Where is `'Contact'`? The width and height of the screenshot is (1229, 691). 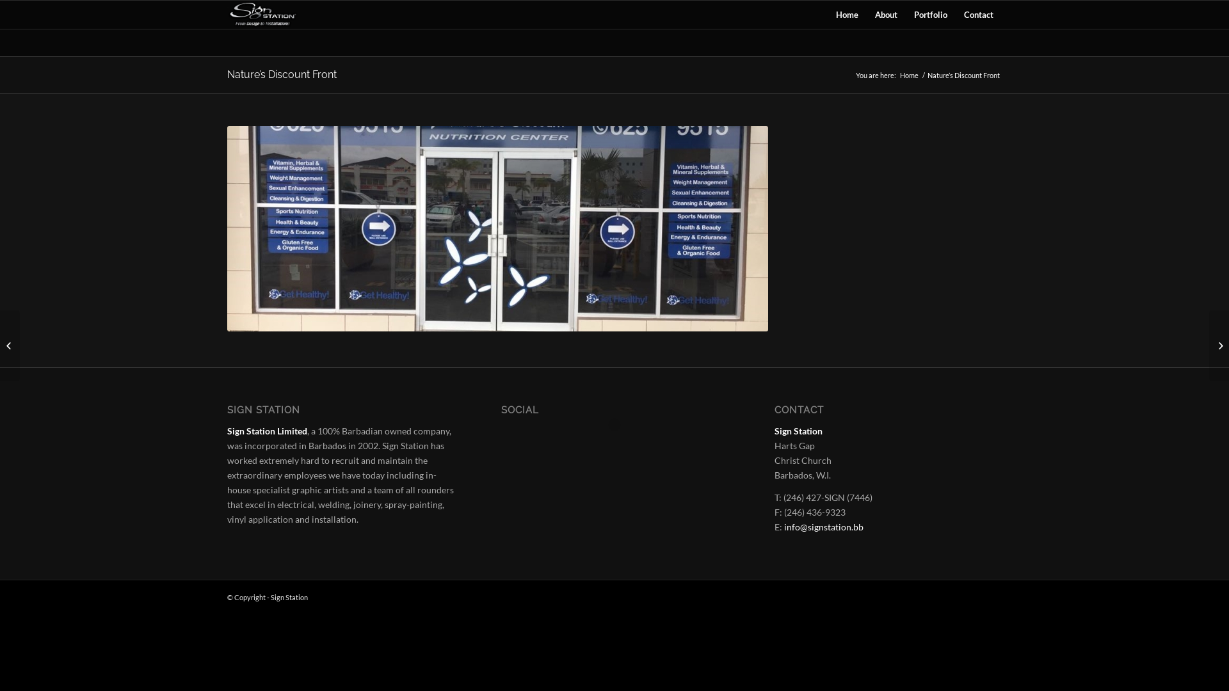
'Contact' is located at coordinates (978, 15).